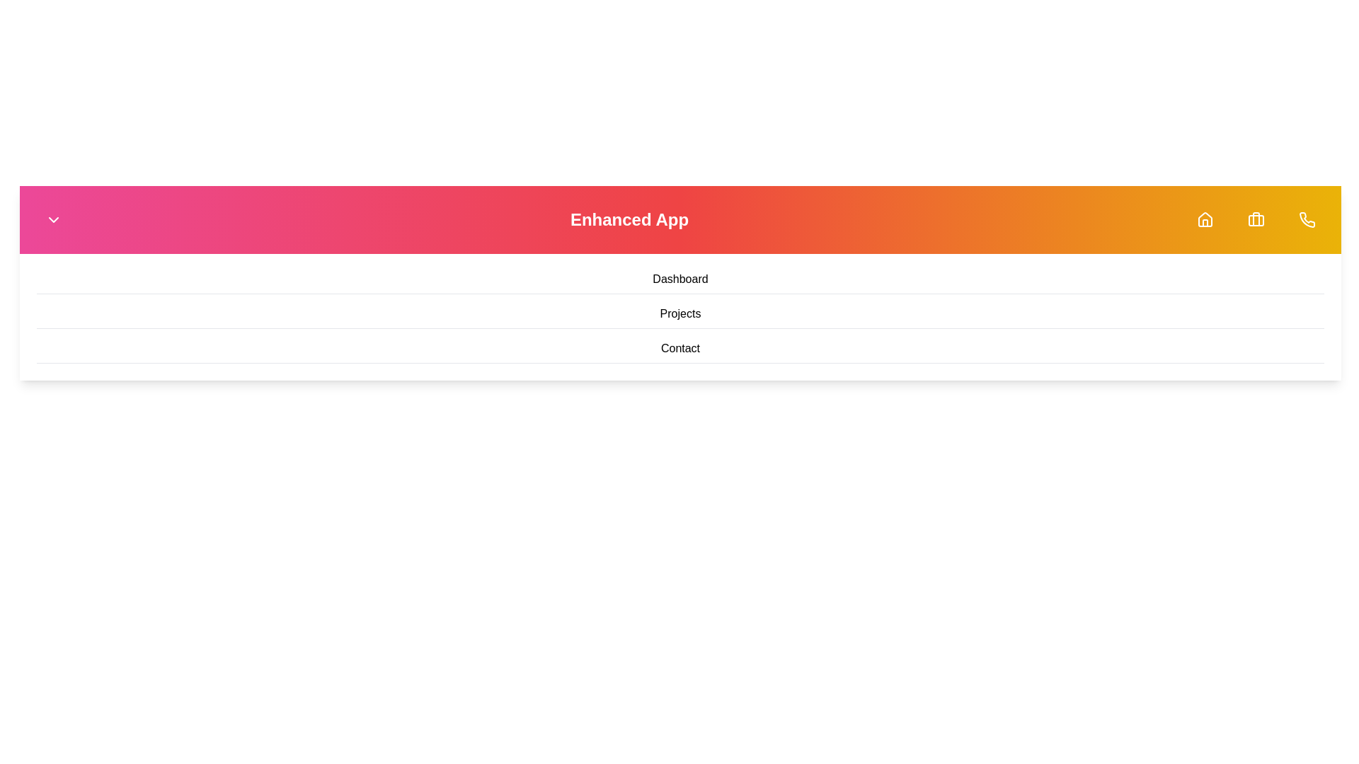  I want to click on the dropdown toggle button to toggle the menu, so click(54, 220).